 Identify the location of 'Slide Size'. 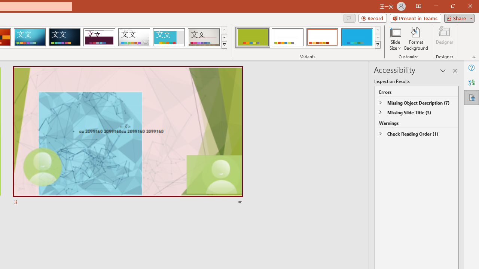
(395, 38).